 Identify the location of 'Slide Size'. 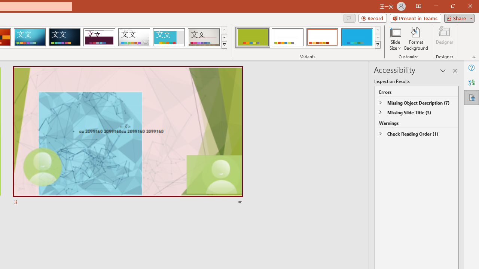
(395, 38).